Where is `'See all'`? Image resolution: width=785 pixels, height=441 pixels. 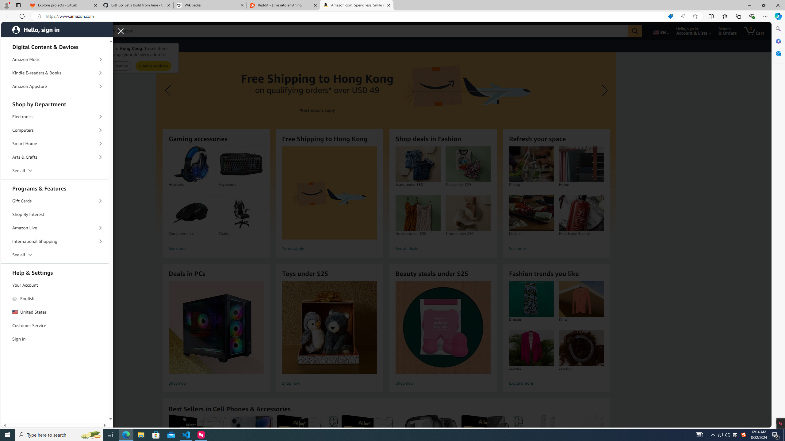
'See all' is located at coordinates (55, 255).